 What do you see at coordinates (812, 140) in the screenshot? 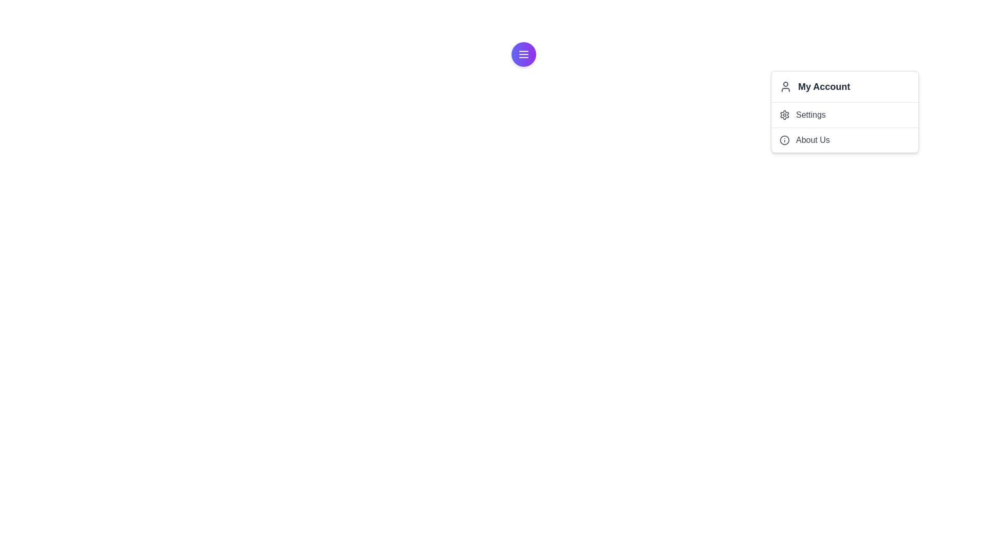
I see `the 'About Us' text label located in the third entry of the vertical menu list, which is under 'My Account' and 'Settings', and to the right of the information icon` at bounding box center [812, 140].